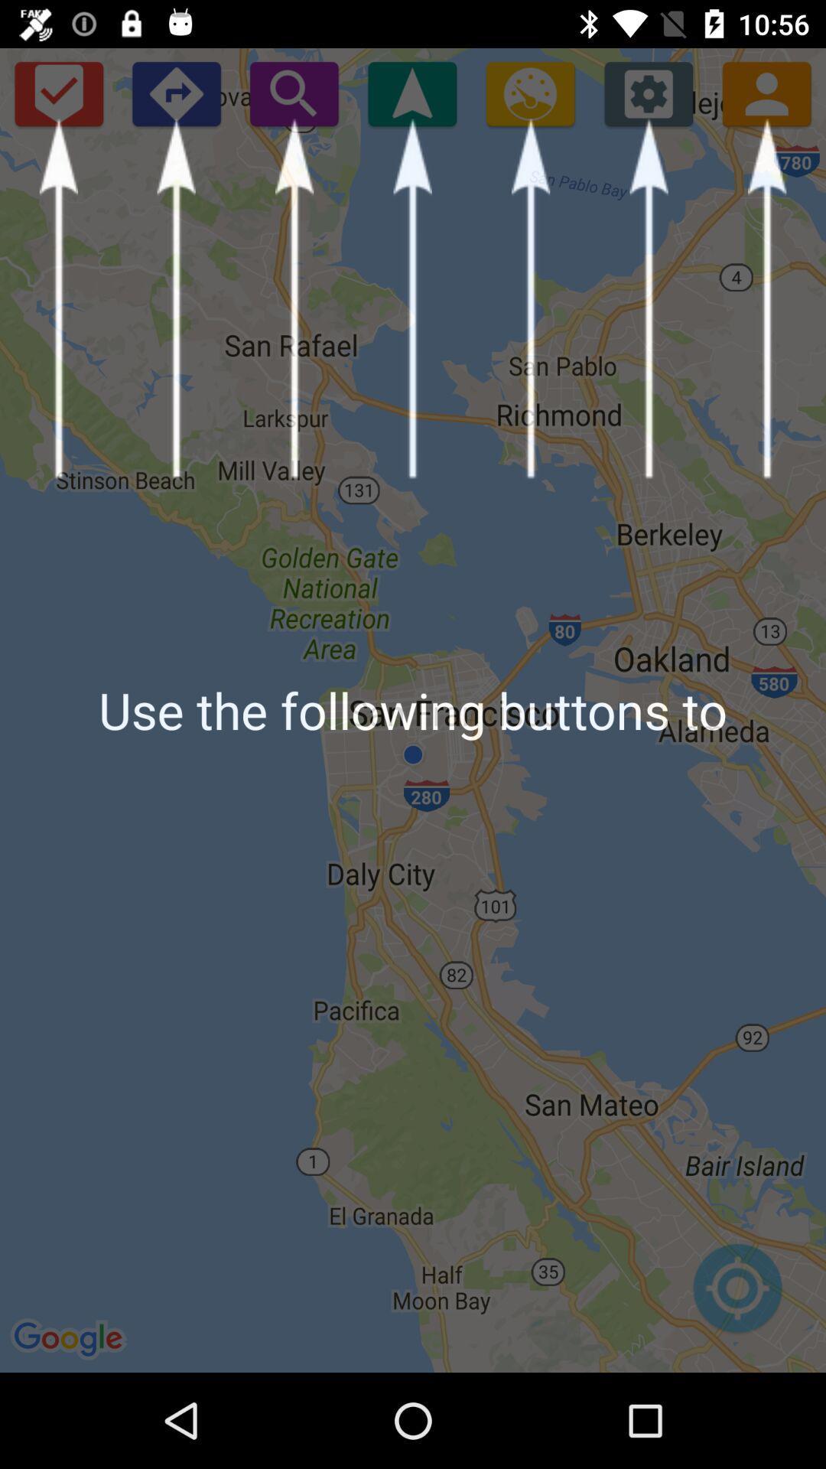 This screenshot has width=826, height=1469. I want to click on icon at the bottom right corner, so click(737, 1295).